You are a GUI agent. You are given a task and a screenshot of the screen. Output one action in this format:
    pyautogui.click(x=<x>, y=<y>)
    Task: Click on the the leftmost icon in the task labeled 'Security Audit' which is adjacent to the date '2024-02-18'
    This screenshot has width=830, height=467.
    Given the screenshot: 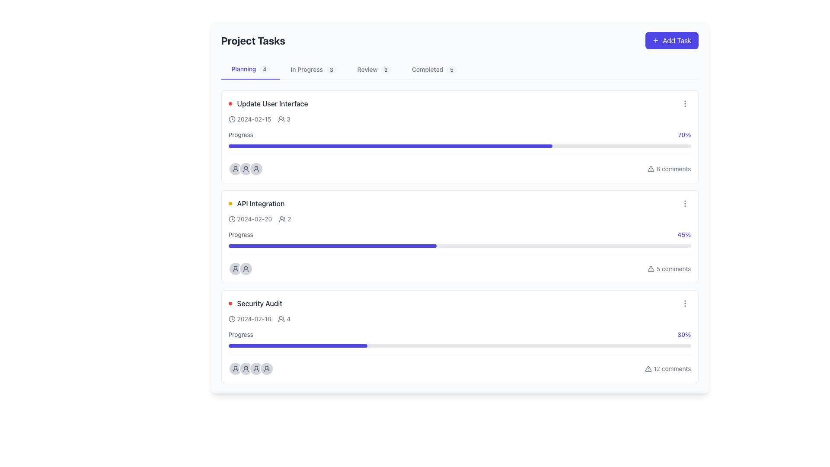 What is the action you would take?
    pyautogui.click(x=232, y=319)
    